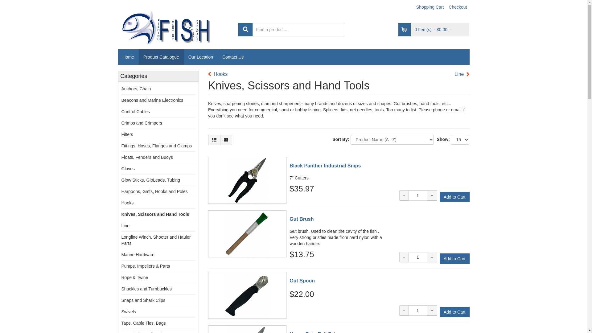 This screenshot has height=333, width=592. What do you see at coordinates (147, 157) in the screenshot?
I see `'Floats, Fenders and Buoys'` at bounding box center [147, 157].